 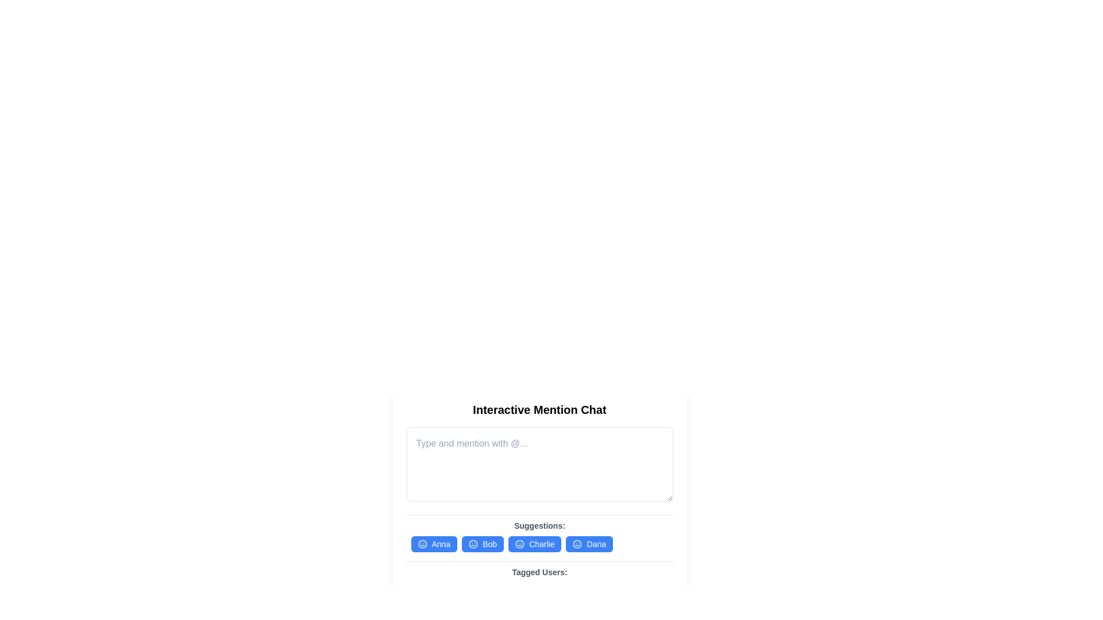 What do you see at coordinates (539, 572) in the screenshot?
I see `the text label that reads 'Tagged Users:', styled in a small bold gray font, located at the bottom of the interface below the 'Suggestions:' section` at bounding box center [539, 572].